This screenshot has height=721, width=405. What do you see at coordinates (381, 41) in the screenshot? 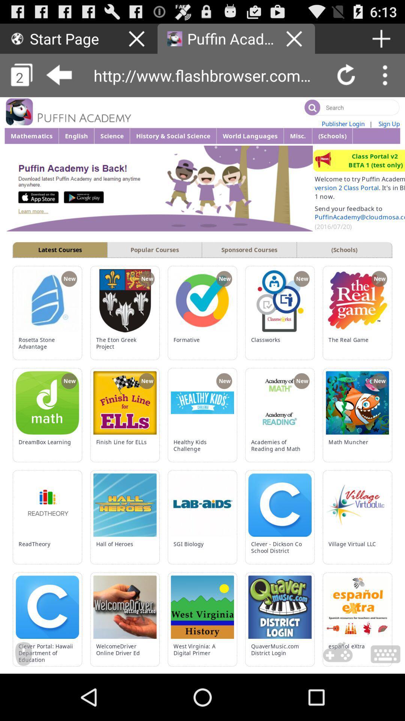
I see `the add icon` at bounding box center [381, 41].